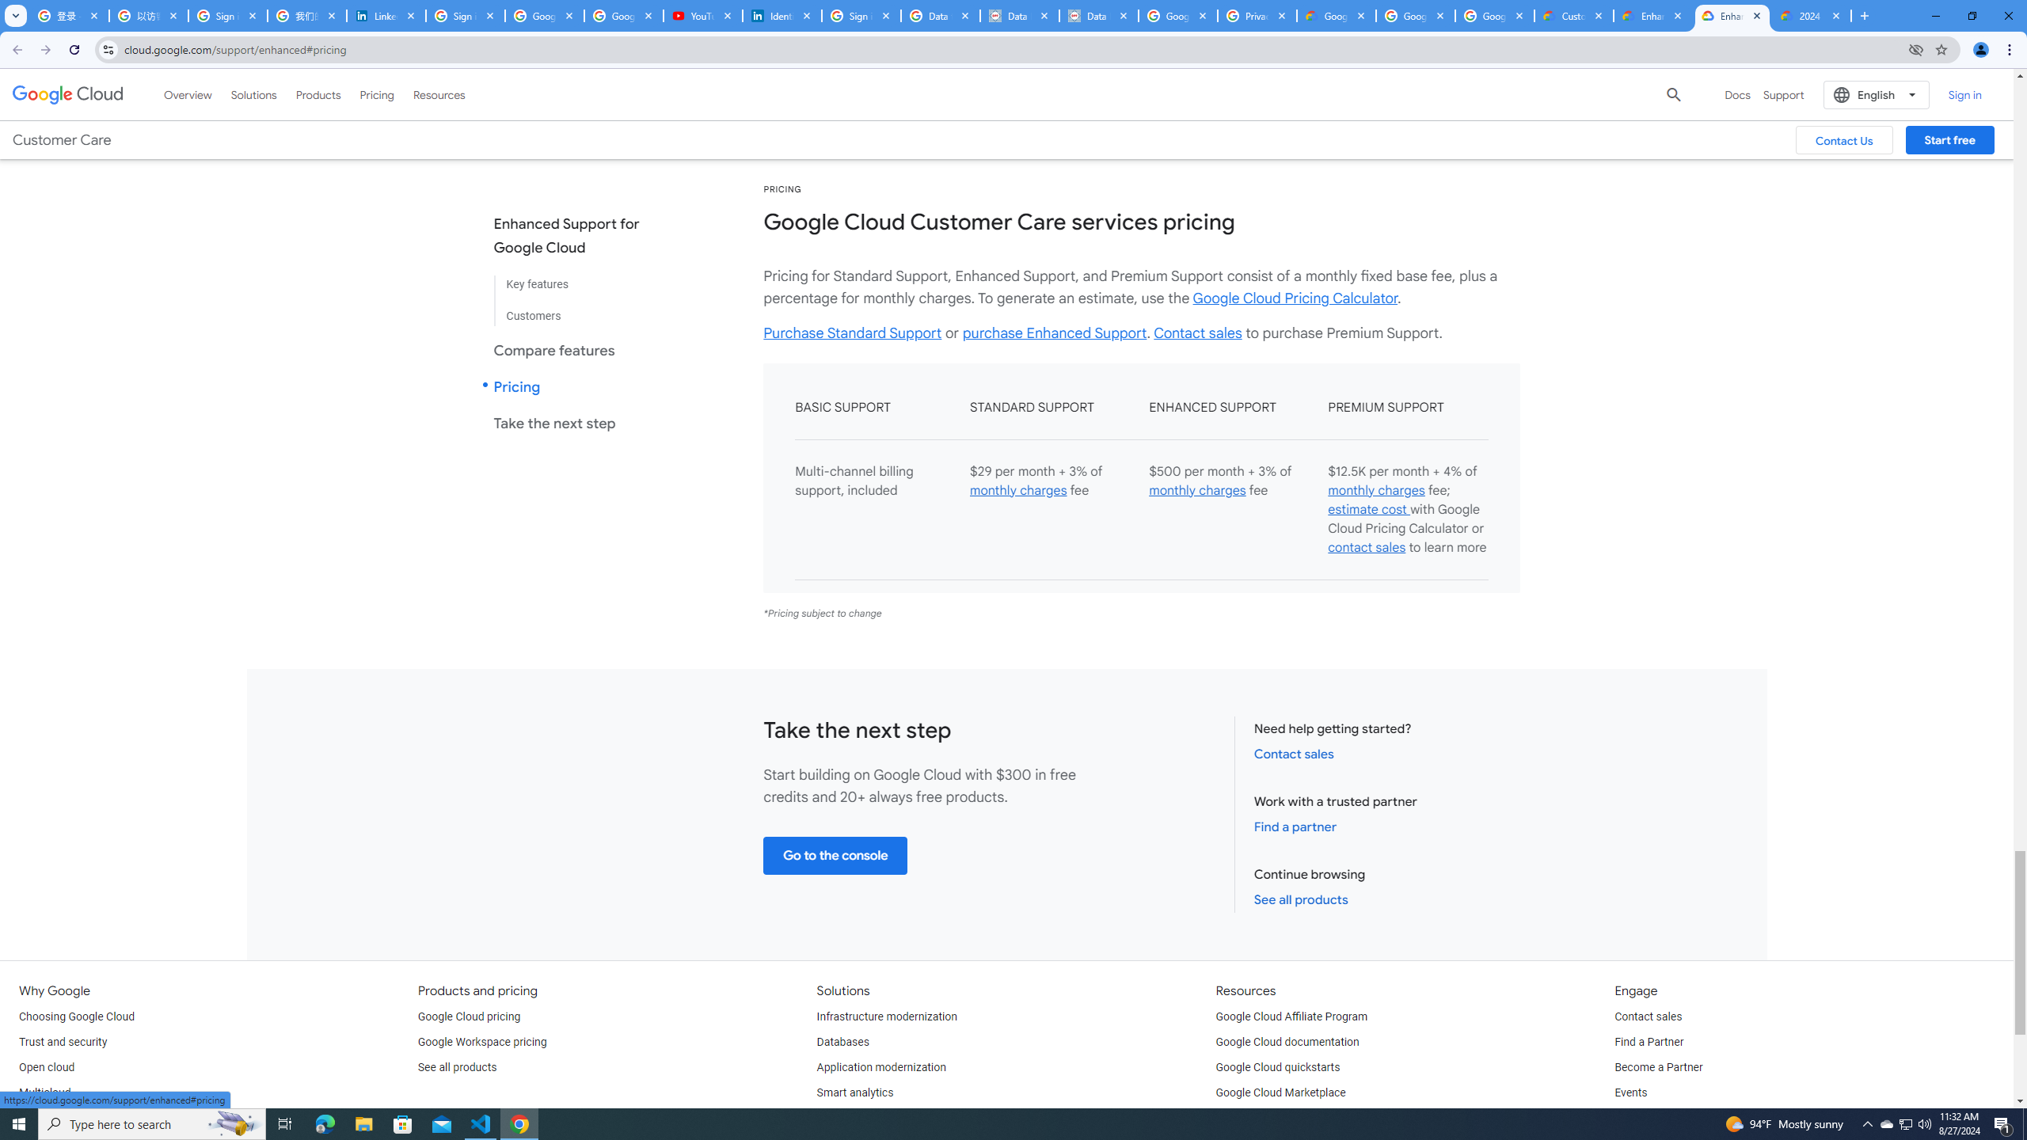 The image size is (2027, 1140). I want to click on 'Multicloud', so click(44, 1092).